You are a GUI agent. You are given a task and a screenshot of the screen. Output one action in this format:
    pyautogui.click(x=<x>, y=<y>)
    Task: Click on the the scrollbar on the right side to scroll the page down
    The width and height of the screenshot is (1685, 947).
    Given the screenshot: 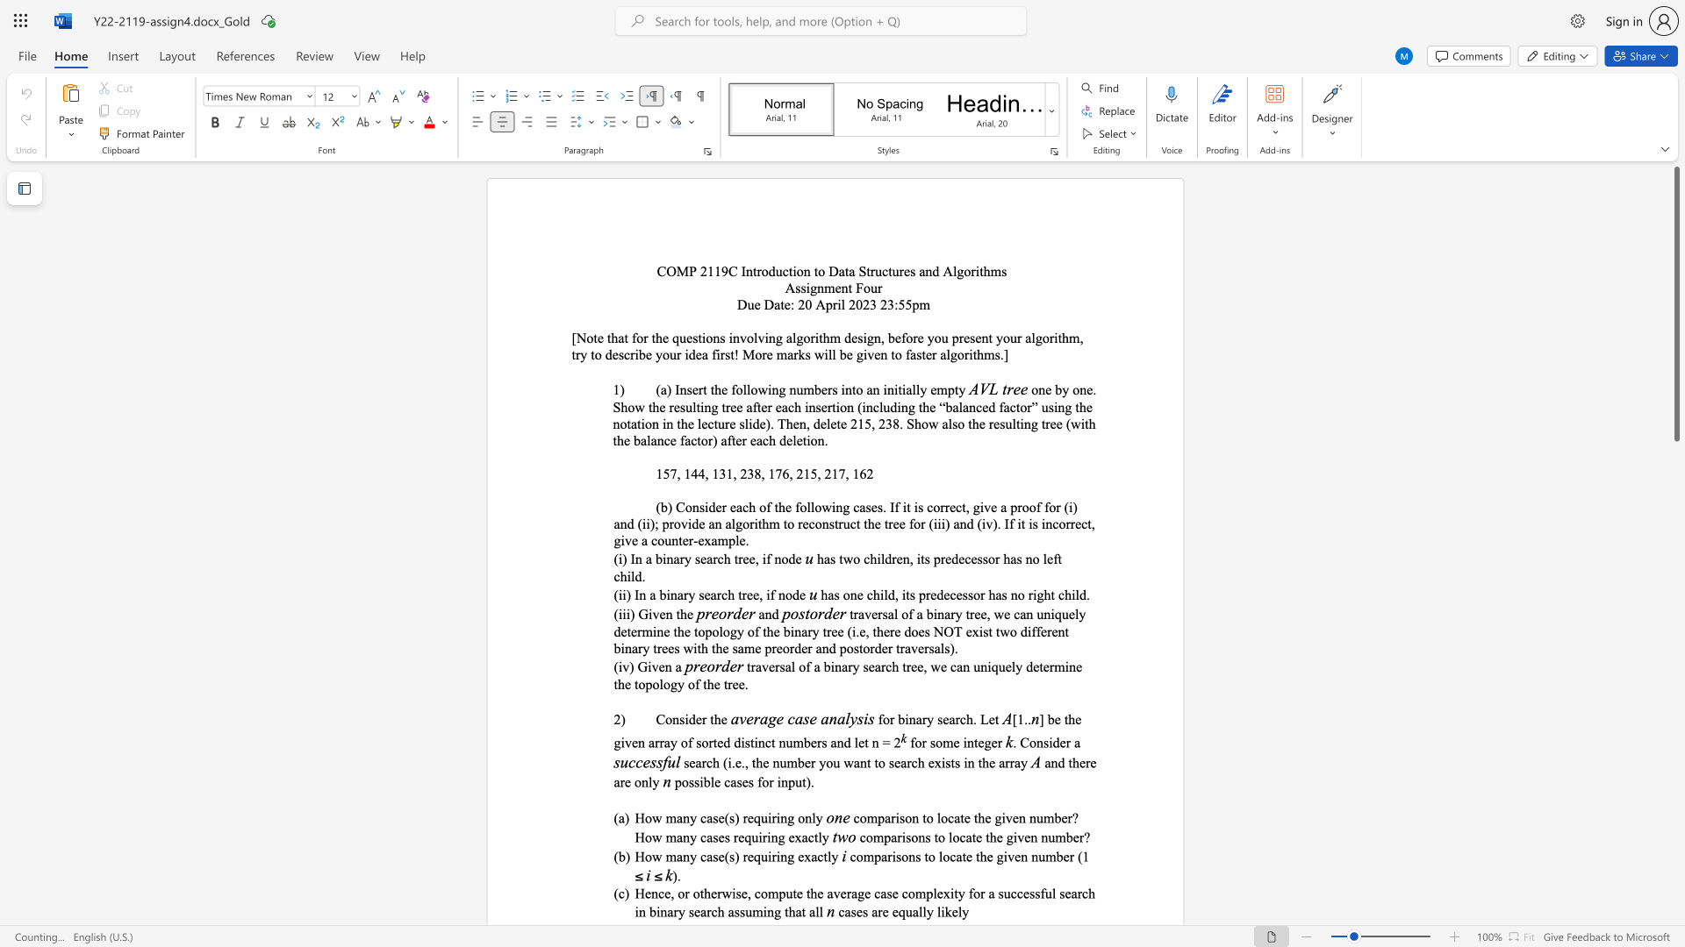 What is the action you would take?
    pyautogui.click(x=1675, y=657)
    